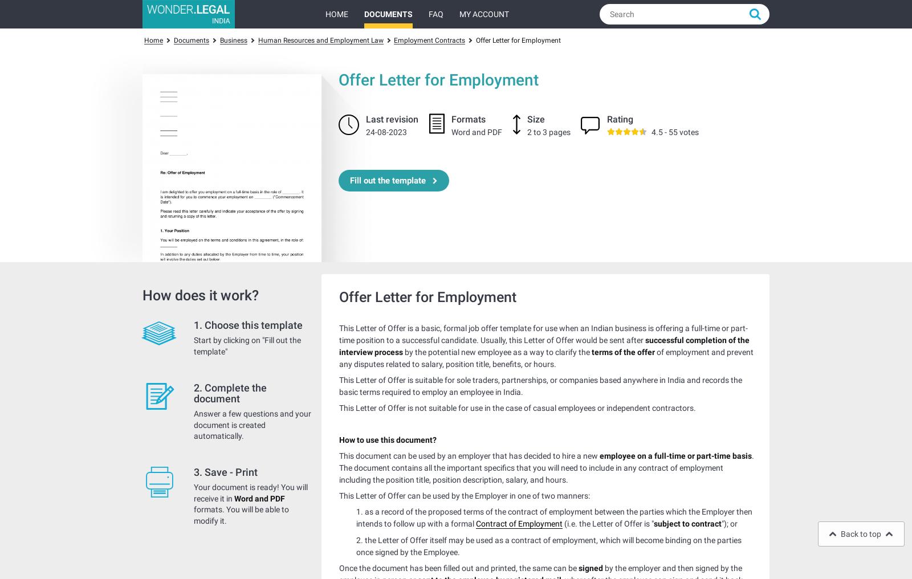  What do you see at coordinates (576, 567) in the screenshot?
I see `'signed'` at bounding box center [576, 567].